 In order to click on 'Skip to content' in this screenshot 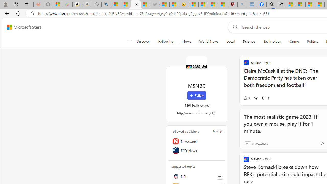, I will do `click(22, 27)`.